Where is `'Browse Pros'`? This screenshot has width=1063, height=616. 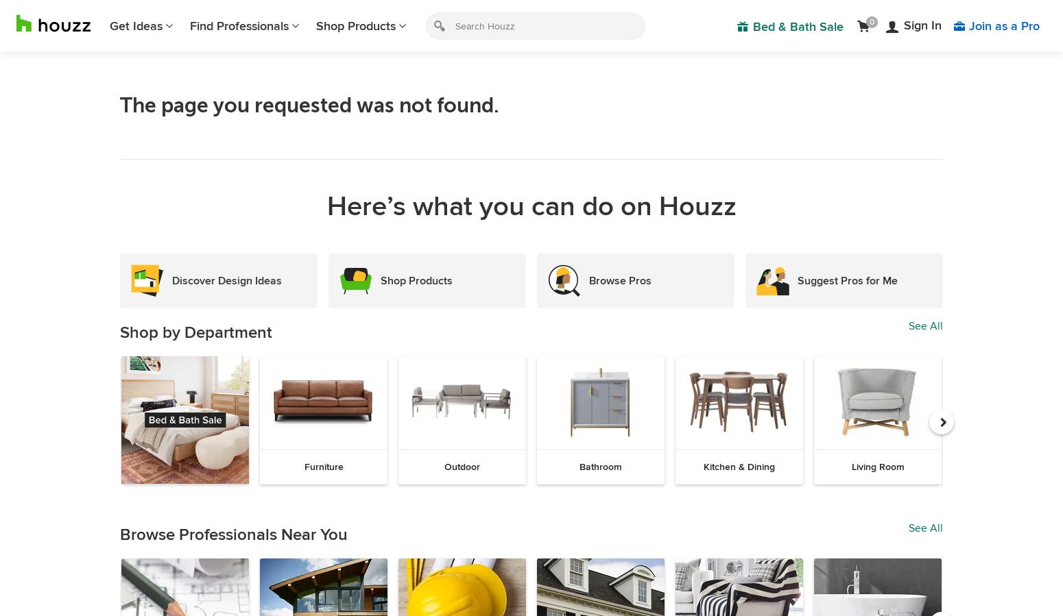
'Browse Pros' is located at coordinates (589, 279).